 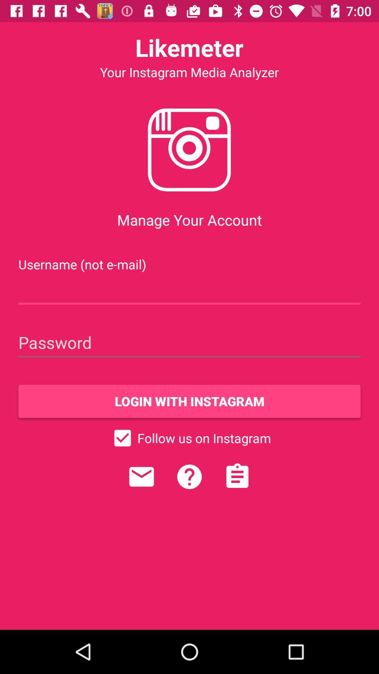 What do you see at coordinates (189, 401) in the screenshot?
I see `the login with instagram item` at bounding box center [189, 401].